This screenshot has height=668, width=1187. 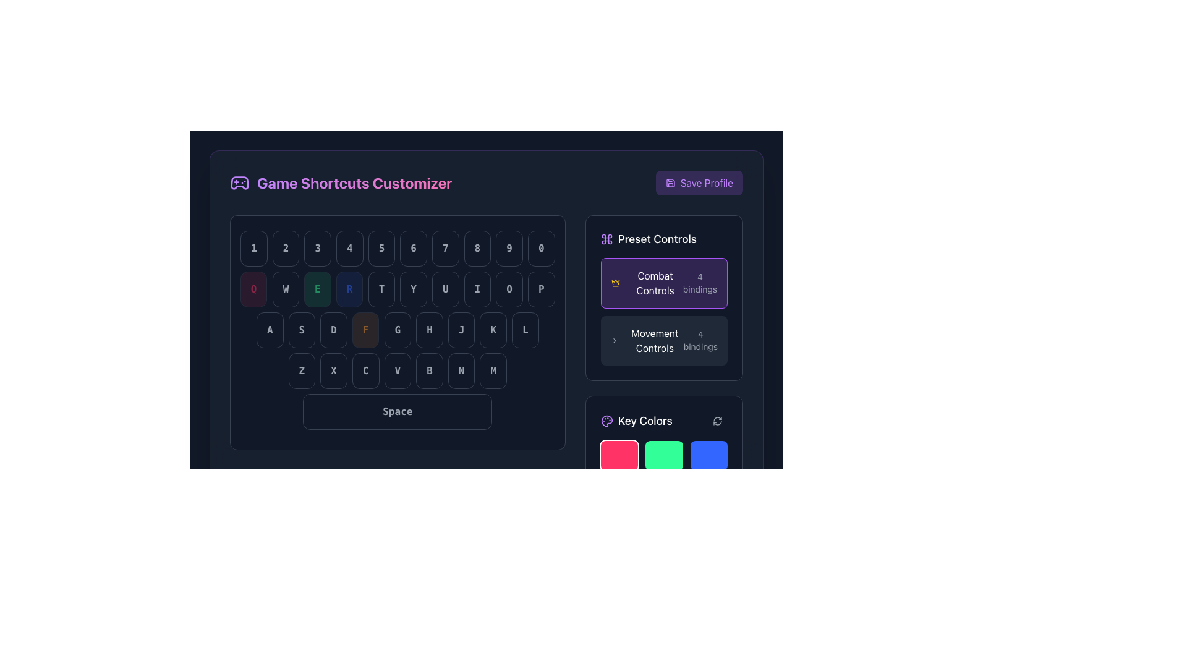 I want to click on the rectangular button displaying the letter 'B' in bold, light-gray text on a dark-blue background, which is the fifth item in the row containing the keys 'ZXCVBNM' to simulate pressing the 'B' key, so click(x=430, y=370).